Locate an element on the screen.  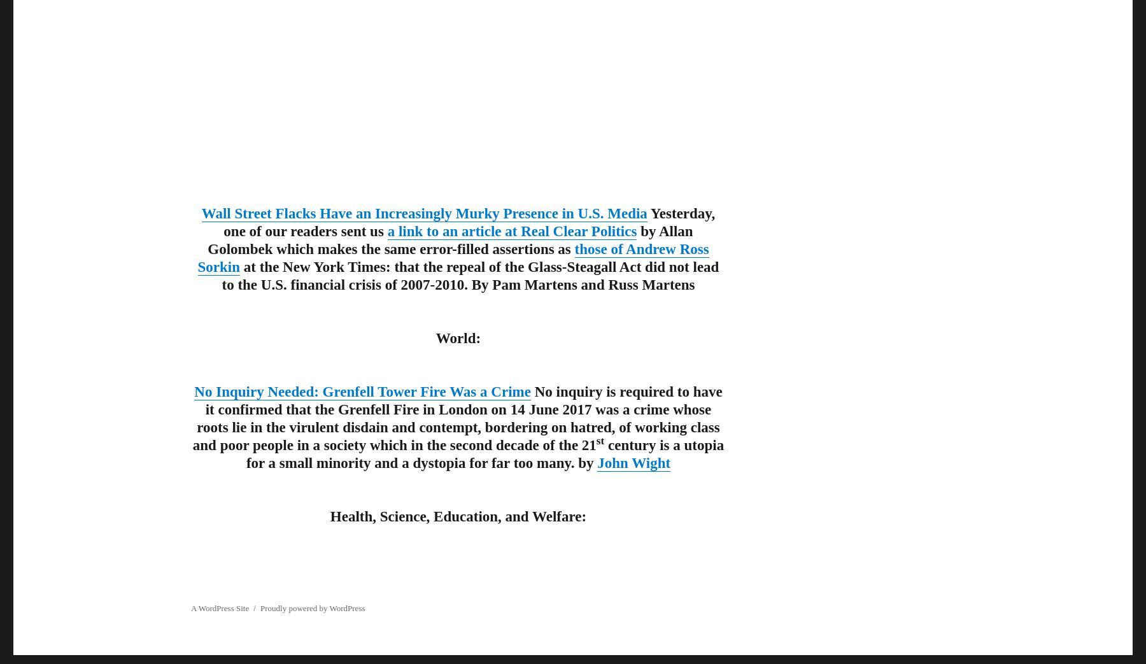
'Wall Street Flacks Have an Increasingly Murky Presence in U.S. Media' is located at coordinates (424, 212).